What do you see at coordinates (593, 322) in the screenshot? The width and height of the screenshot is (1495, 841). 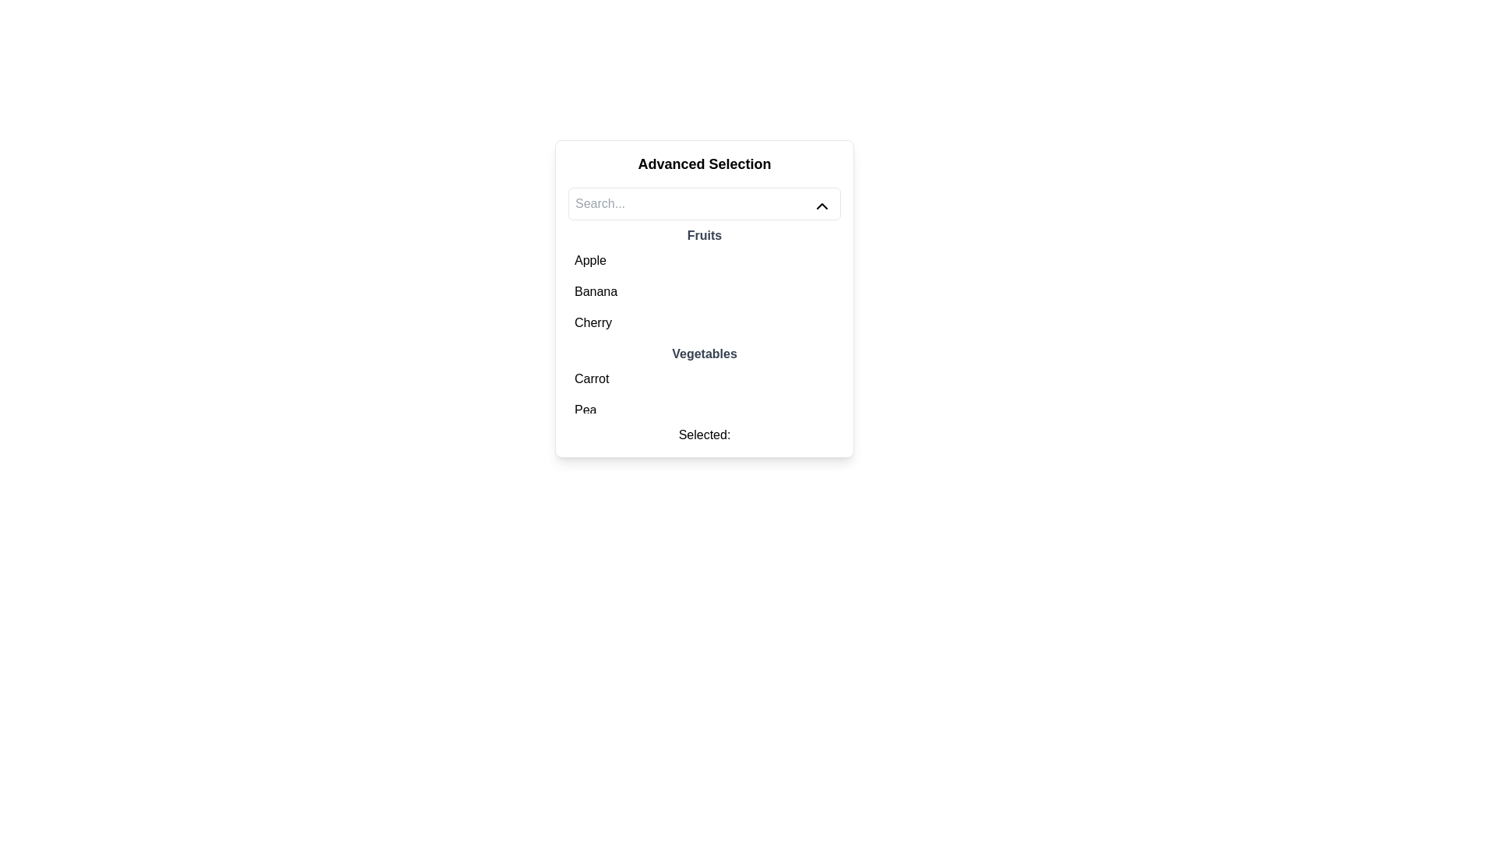 I see `the text-based list item 'Cherry' in the dropdown menu under the 'Fruits' section` at bounding box center [593, 322].